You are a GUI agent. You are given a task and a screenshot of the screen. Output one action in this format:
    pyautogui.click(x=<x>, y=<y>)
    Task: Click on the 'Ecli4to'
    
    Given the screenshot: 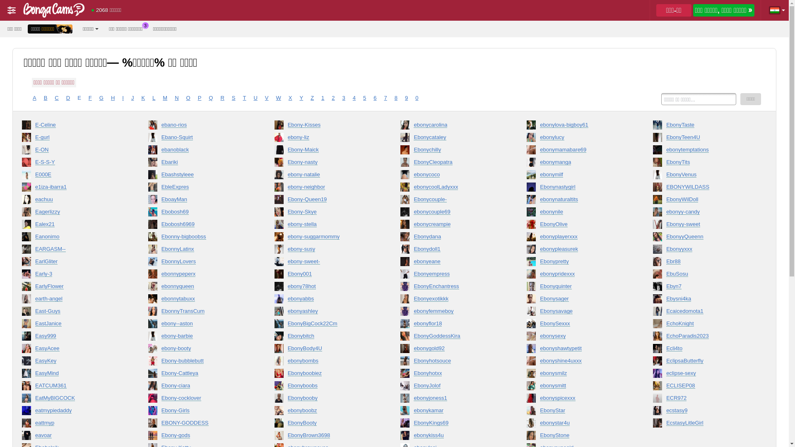 What is the action you would take?
    pyautogui.click(x=703, y=350)
    